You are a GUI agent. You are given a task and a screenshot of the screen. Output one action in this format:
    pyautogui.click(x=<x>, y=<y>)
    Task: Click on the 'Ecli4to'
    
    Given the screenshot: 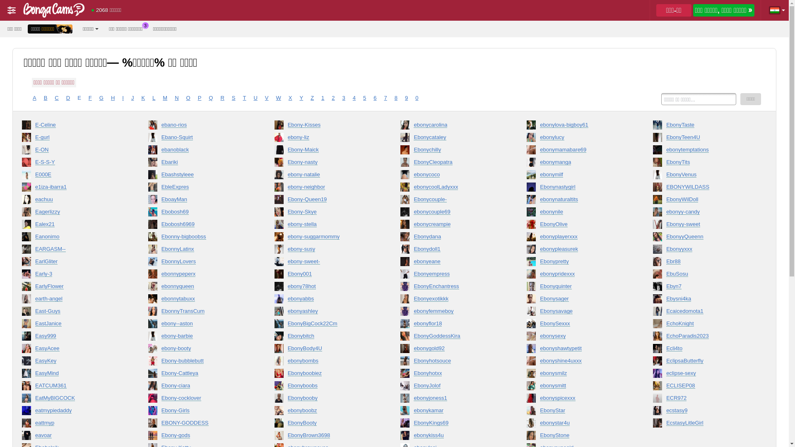 What is the action you would take?
    pyautogui.click(x=703, y=350)
    